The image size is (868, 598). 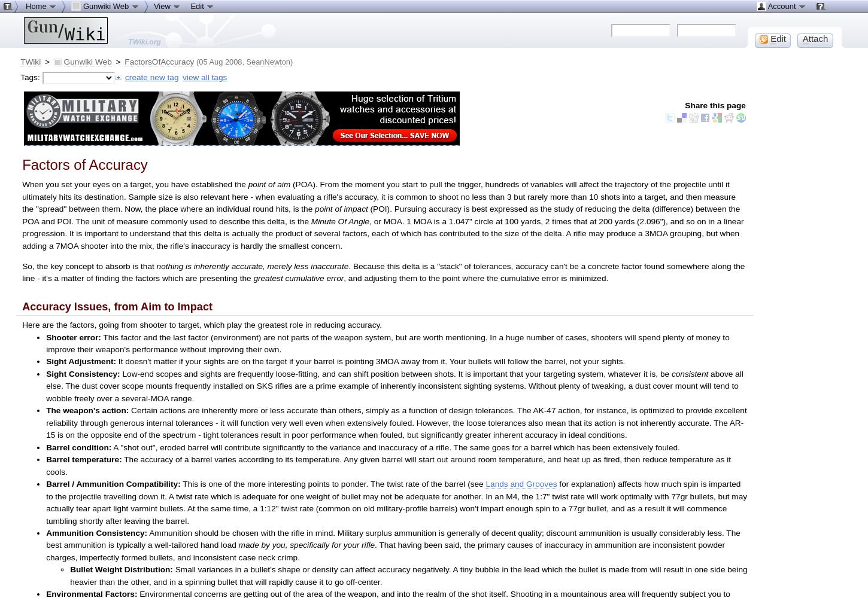 What do you see at coordinates (396, 502) in the screenshot?
I see `'for explanation) affects how much spin is imparted to the projectile travelling down it. A twist rate which is adequate for one weight of bullet may not be adequate for another. In an M4, the 1:7" twist rate will work optimally with 77gr bullets, but may actually tear apart light varmint bullets. At the same time, a 1:12" twist rate (common on old military-profile barrels) won't impart enough spin to a 77gr bullet, and as a result it will commence tumbling shortly after leaving the barrel.'` at bounding box center [396, 502].